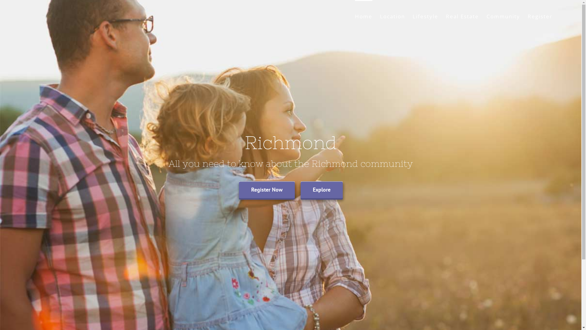 The height and width of the screenshot is (330, 586). What do you see at coordinates (266, 189) in the screenshot?
I see `'Register Now'` at bounding box center [266, 189].